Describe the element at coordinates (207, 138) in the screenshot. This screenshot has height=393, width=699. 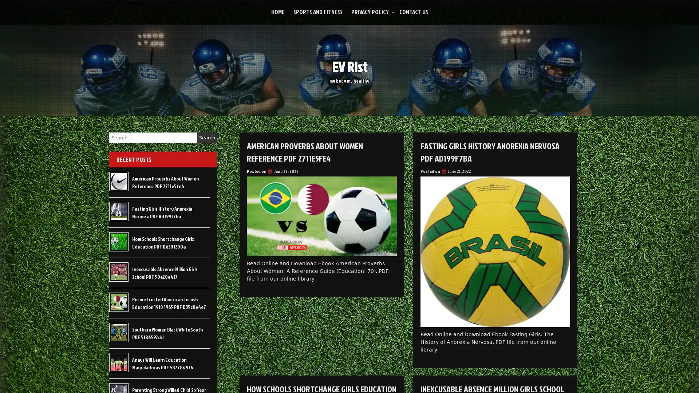
I see `Search` at that location.